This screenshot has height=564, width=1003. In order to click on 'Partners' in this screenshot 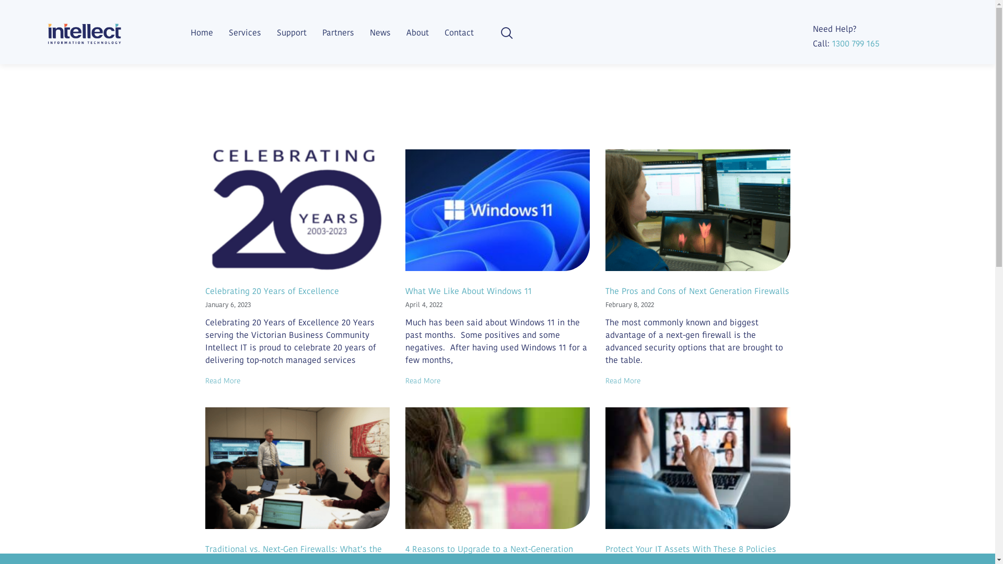, I will do `click(338, 32)`.